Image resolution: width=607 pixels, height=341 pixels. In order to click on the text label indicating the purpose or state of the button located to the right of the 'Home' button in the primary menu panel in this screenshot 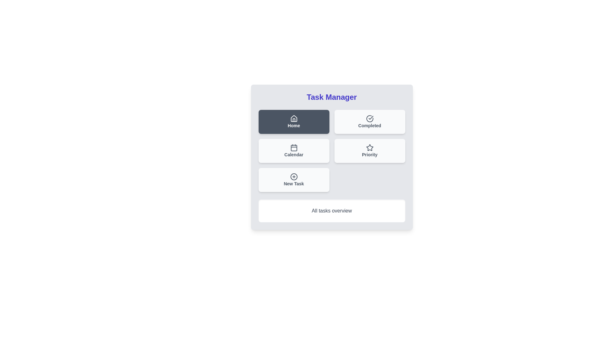, I will do `click(370, 125)`.